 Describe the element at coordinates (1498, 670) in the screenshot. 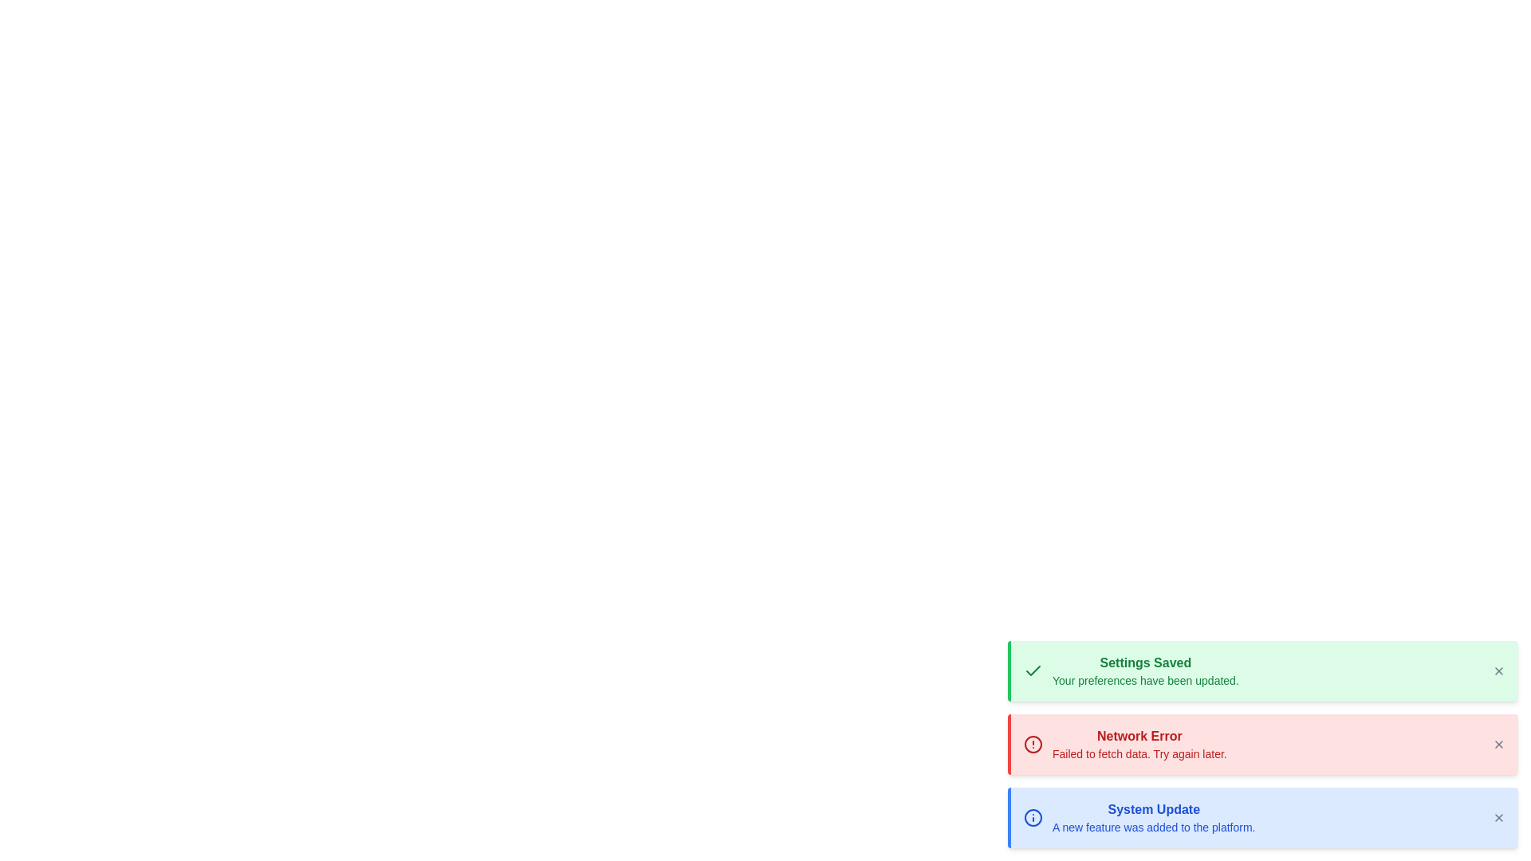

I see `the close icon button, which is a small 'X' symbol located at the far right of the green notification box indicating that the settings have been saved` at that location.